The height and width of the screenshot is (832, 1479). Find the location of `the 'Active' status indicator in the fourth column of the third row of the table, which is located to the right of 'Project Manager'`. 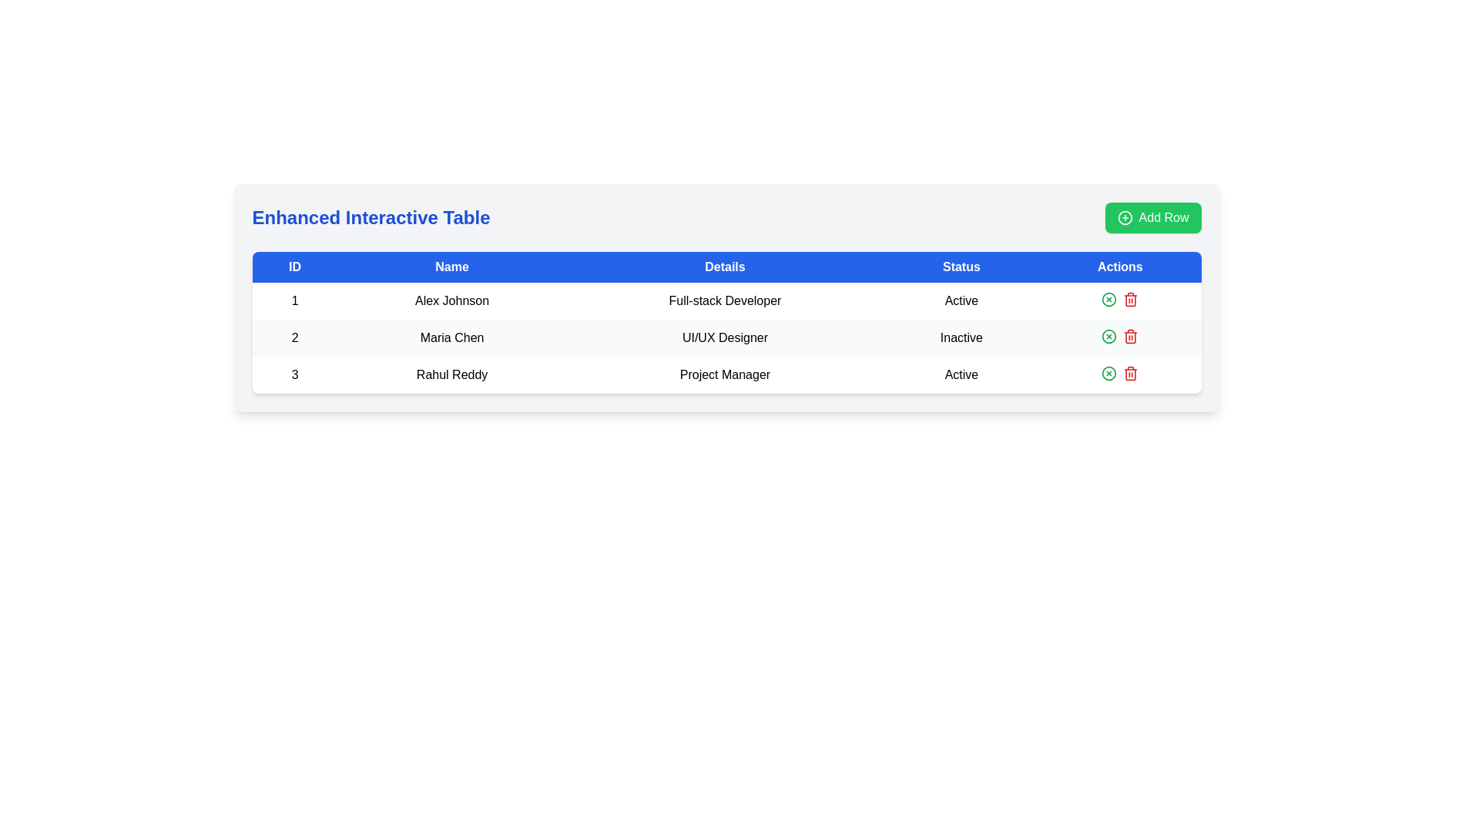

the 'Active' status indicator in the fourth column of the third row of the table, which is located to the right of 'Project Manager' is located at coordinates (961, 374).